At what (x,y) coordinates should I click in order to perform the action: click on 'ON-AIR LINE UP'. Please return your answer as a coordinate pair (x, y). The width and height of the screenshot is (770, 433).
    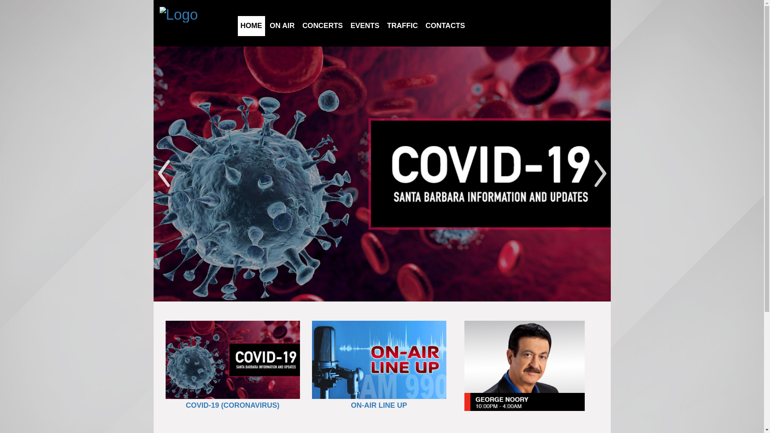
    Looking at the image, I should click on (379, 405).